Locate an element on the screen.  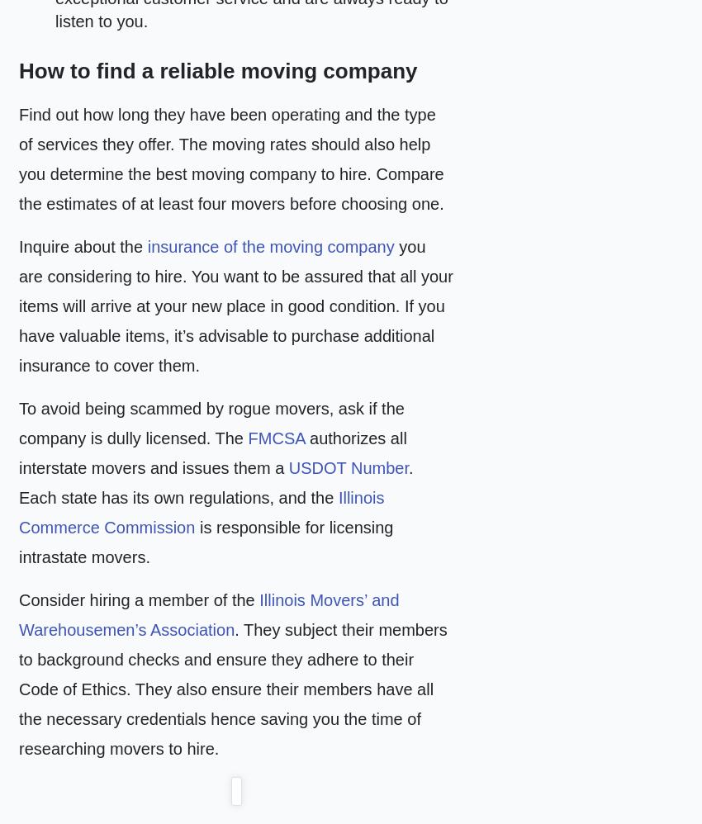
'USDOT Number' is located at coordinates (349, 466).